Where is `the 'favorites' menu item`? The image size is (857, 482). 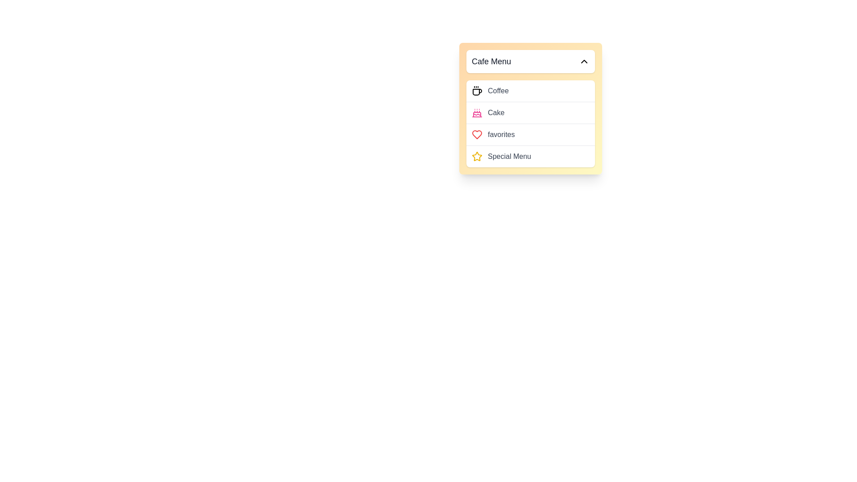 the 'favorites' menu item is located at coordinates (531, 124).